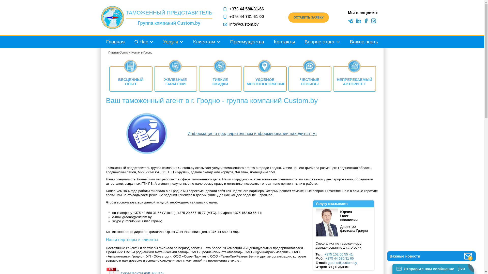  Describe the element at coordinates (248, 16) in the screenshot. I see `'+375 44 731-61-00'` at that location.